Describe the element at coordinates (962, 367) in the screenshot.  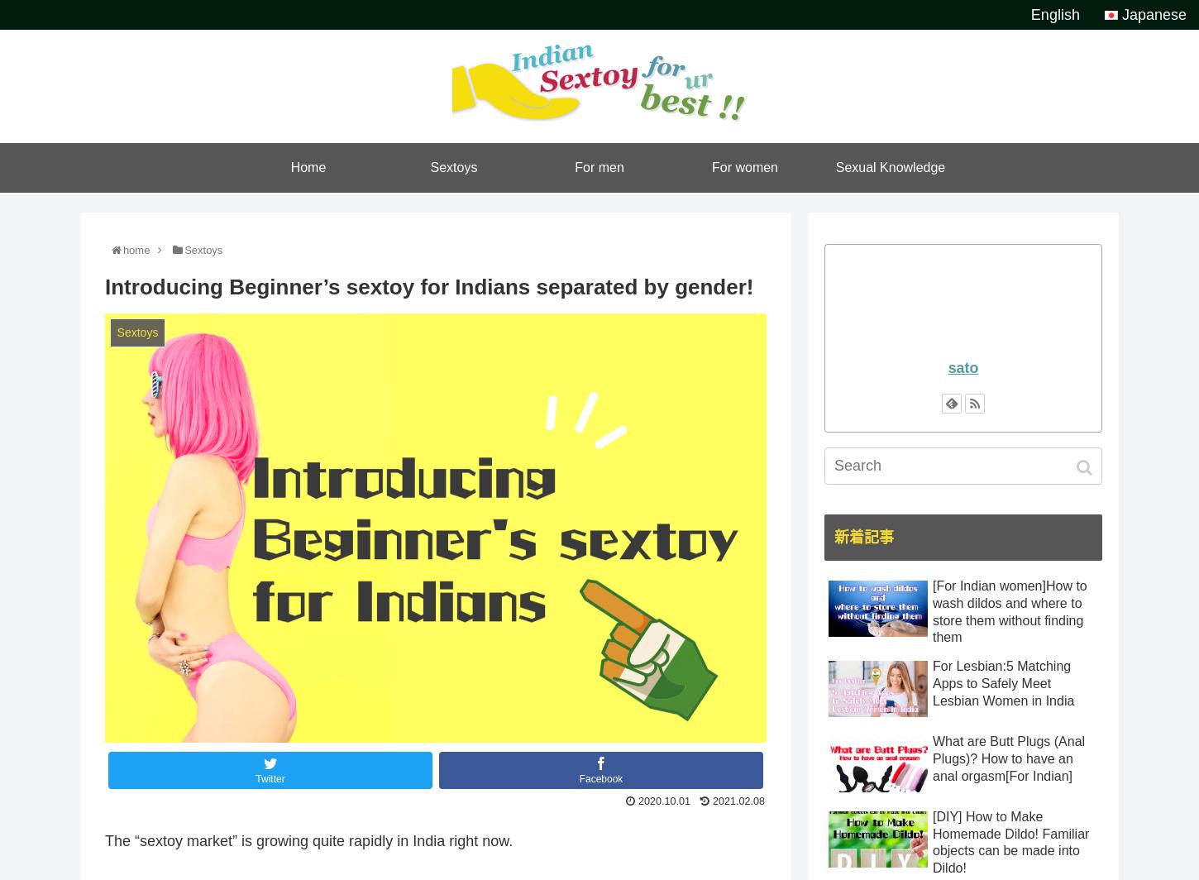
I see `'sato'` at that location.